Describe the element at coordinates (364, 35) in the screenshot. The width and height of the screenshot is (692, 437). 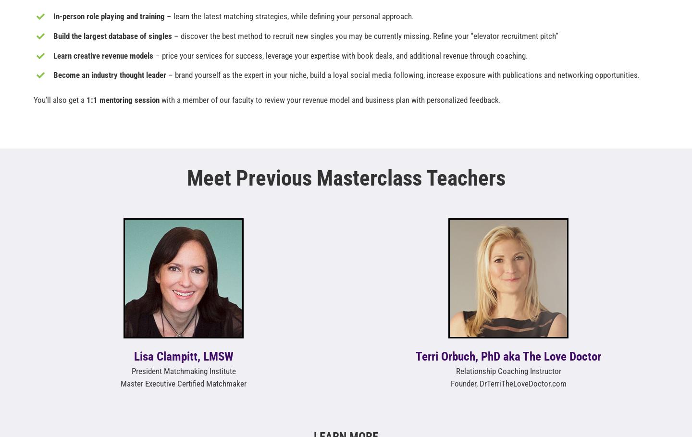
I see `'– discover the best method to recruit new singles you may be currently missing. Refine your “elevator recruitment pitch”'` at that location.